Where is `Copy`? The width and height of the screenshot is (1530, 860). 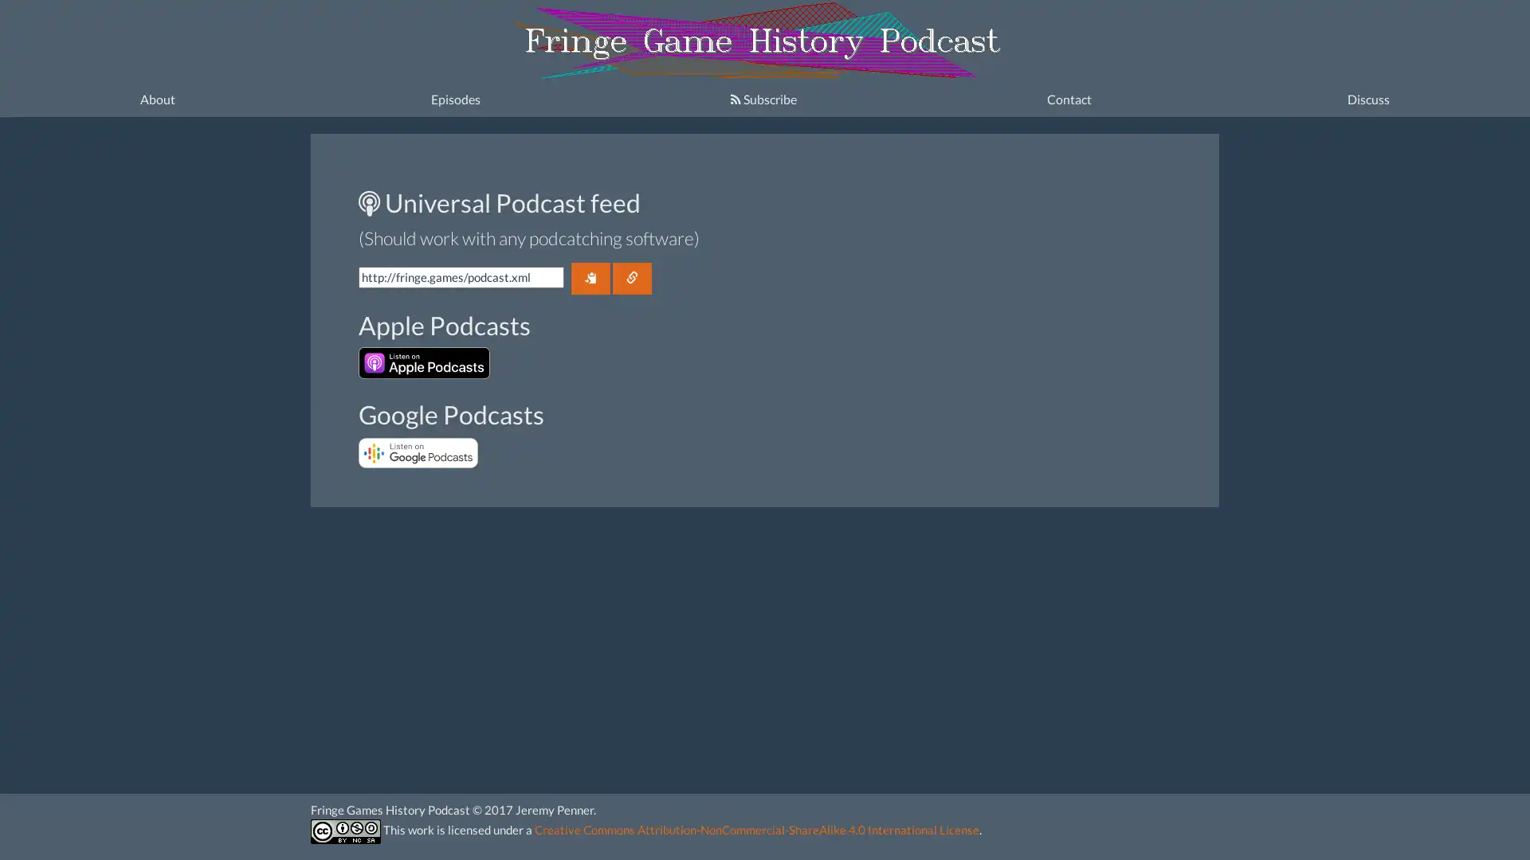
Copy is located at coordinates (590, 277).